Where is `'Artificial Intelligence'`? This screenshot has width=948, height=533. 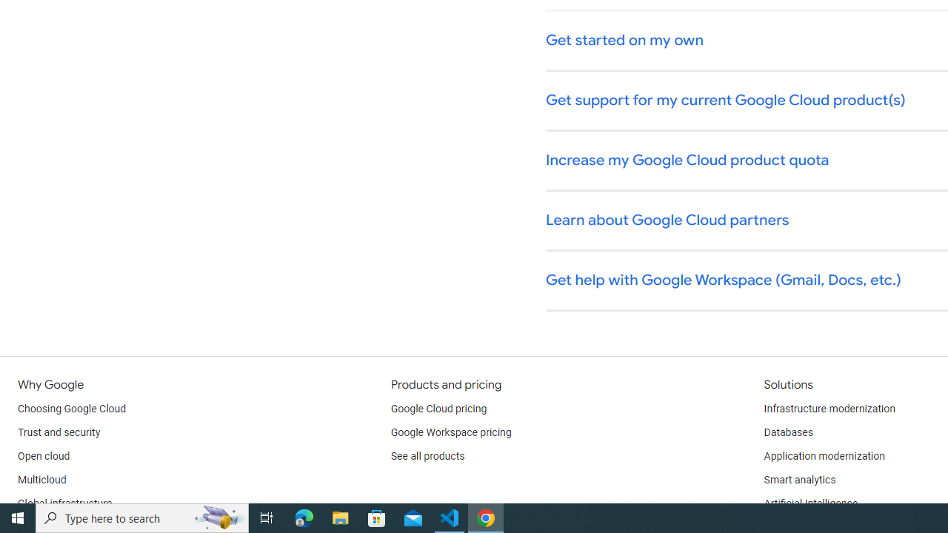
'Artificial Intelligence' is located at coordinates (810, 503).